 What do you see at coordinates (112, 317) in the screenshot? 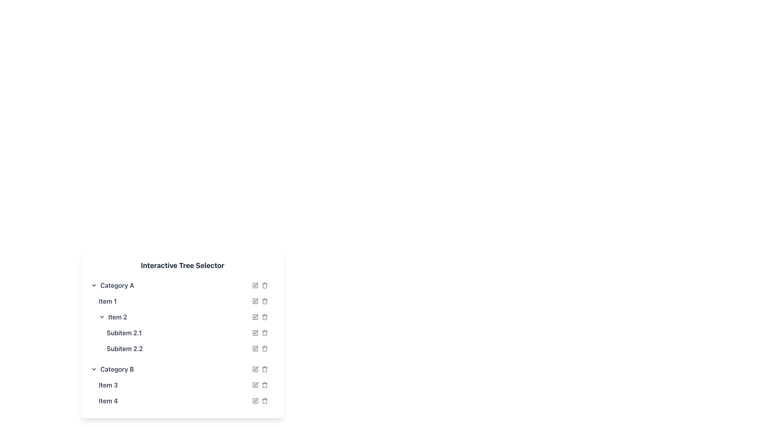
I see `the second Text label in 'Category A'` at bounding box center [112, 317].